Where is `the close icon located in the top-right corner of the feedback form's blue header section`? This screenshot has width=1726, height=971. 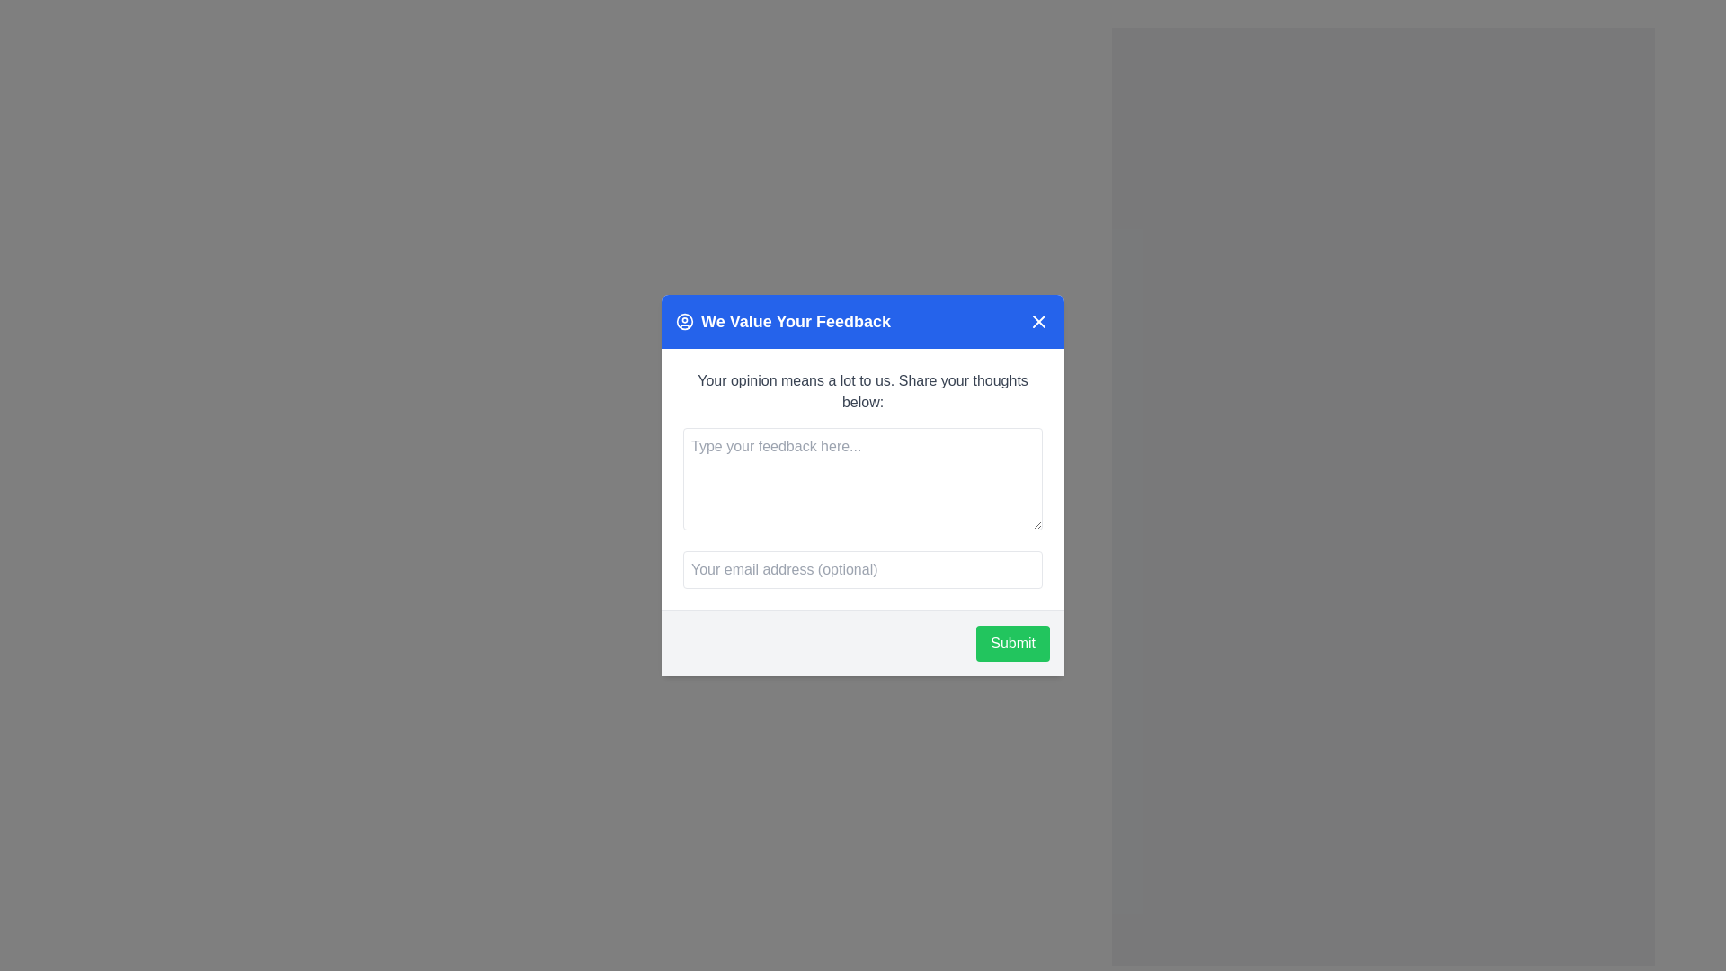
the close icon located in the top-right corner of the feedback form's blue header section is located at coordinates (1039, 321).